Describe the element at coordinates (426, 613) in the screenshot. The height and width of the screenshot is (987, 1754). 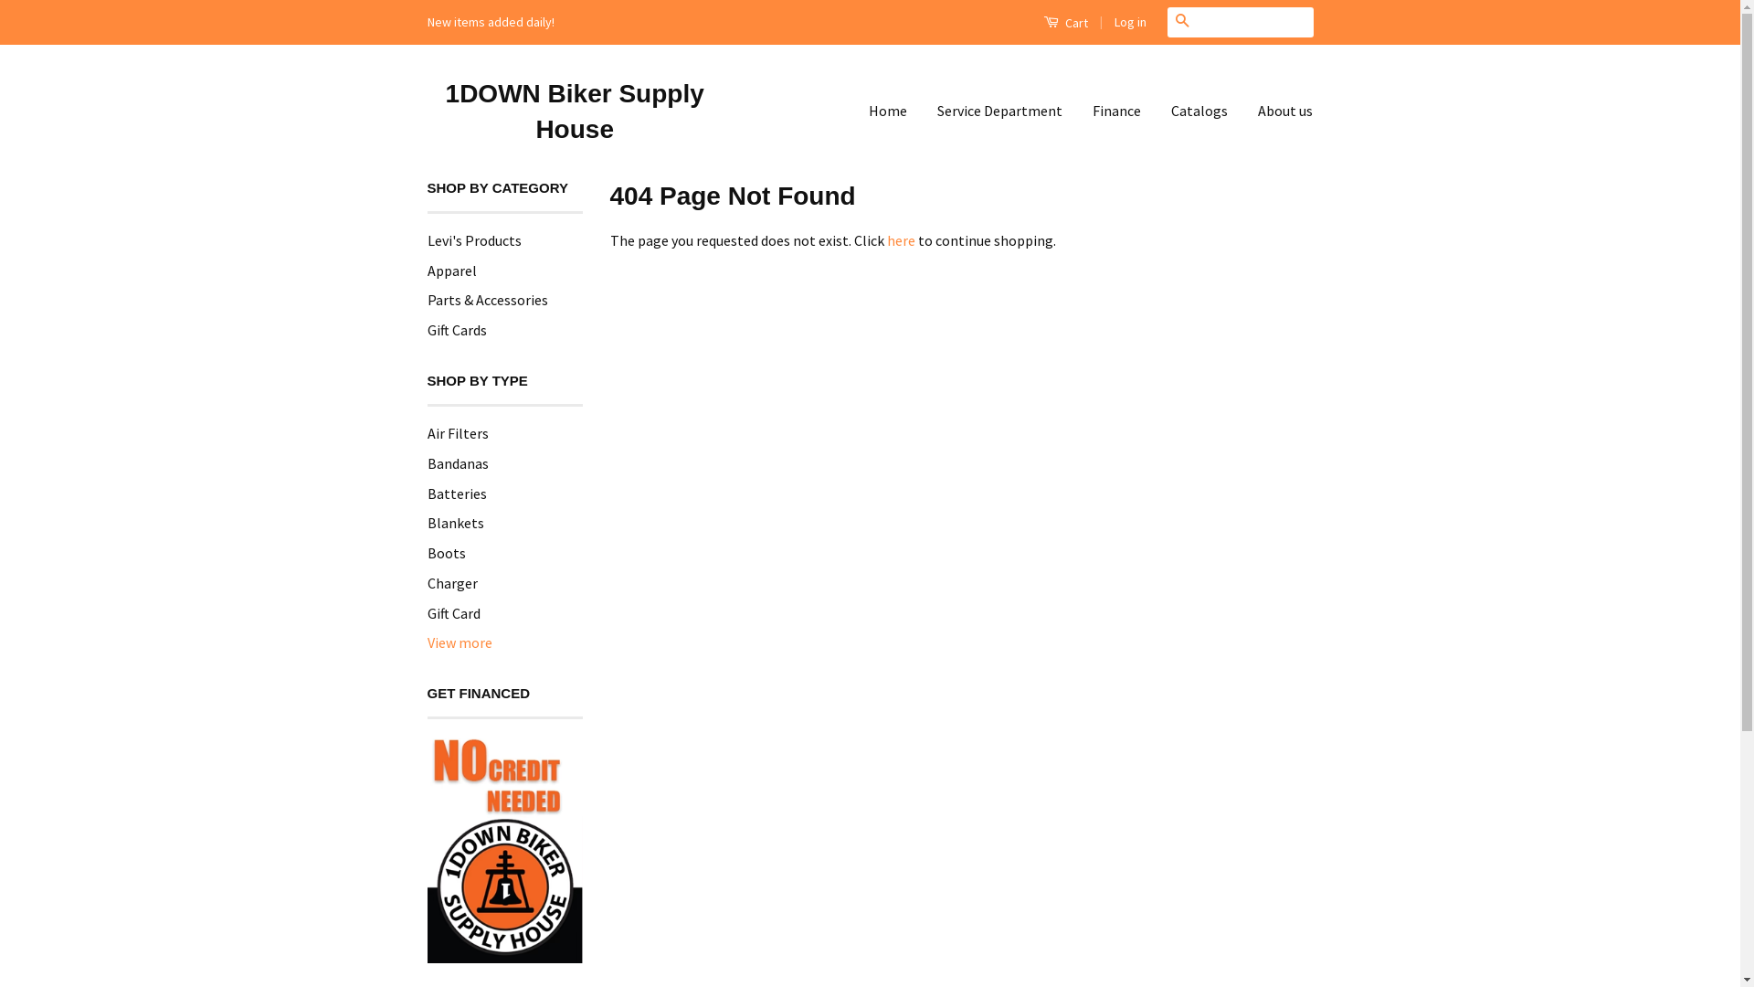
I see `'Gift Card'` at that location.